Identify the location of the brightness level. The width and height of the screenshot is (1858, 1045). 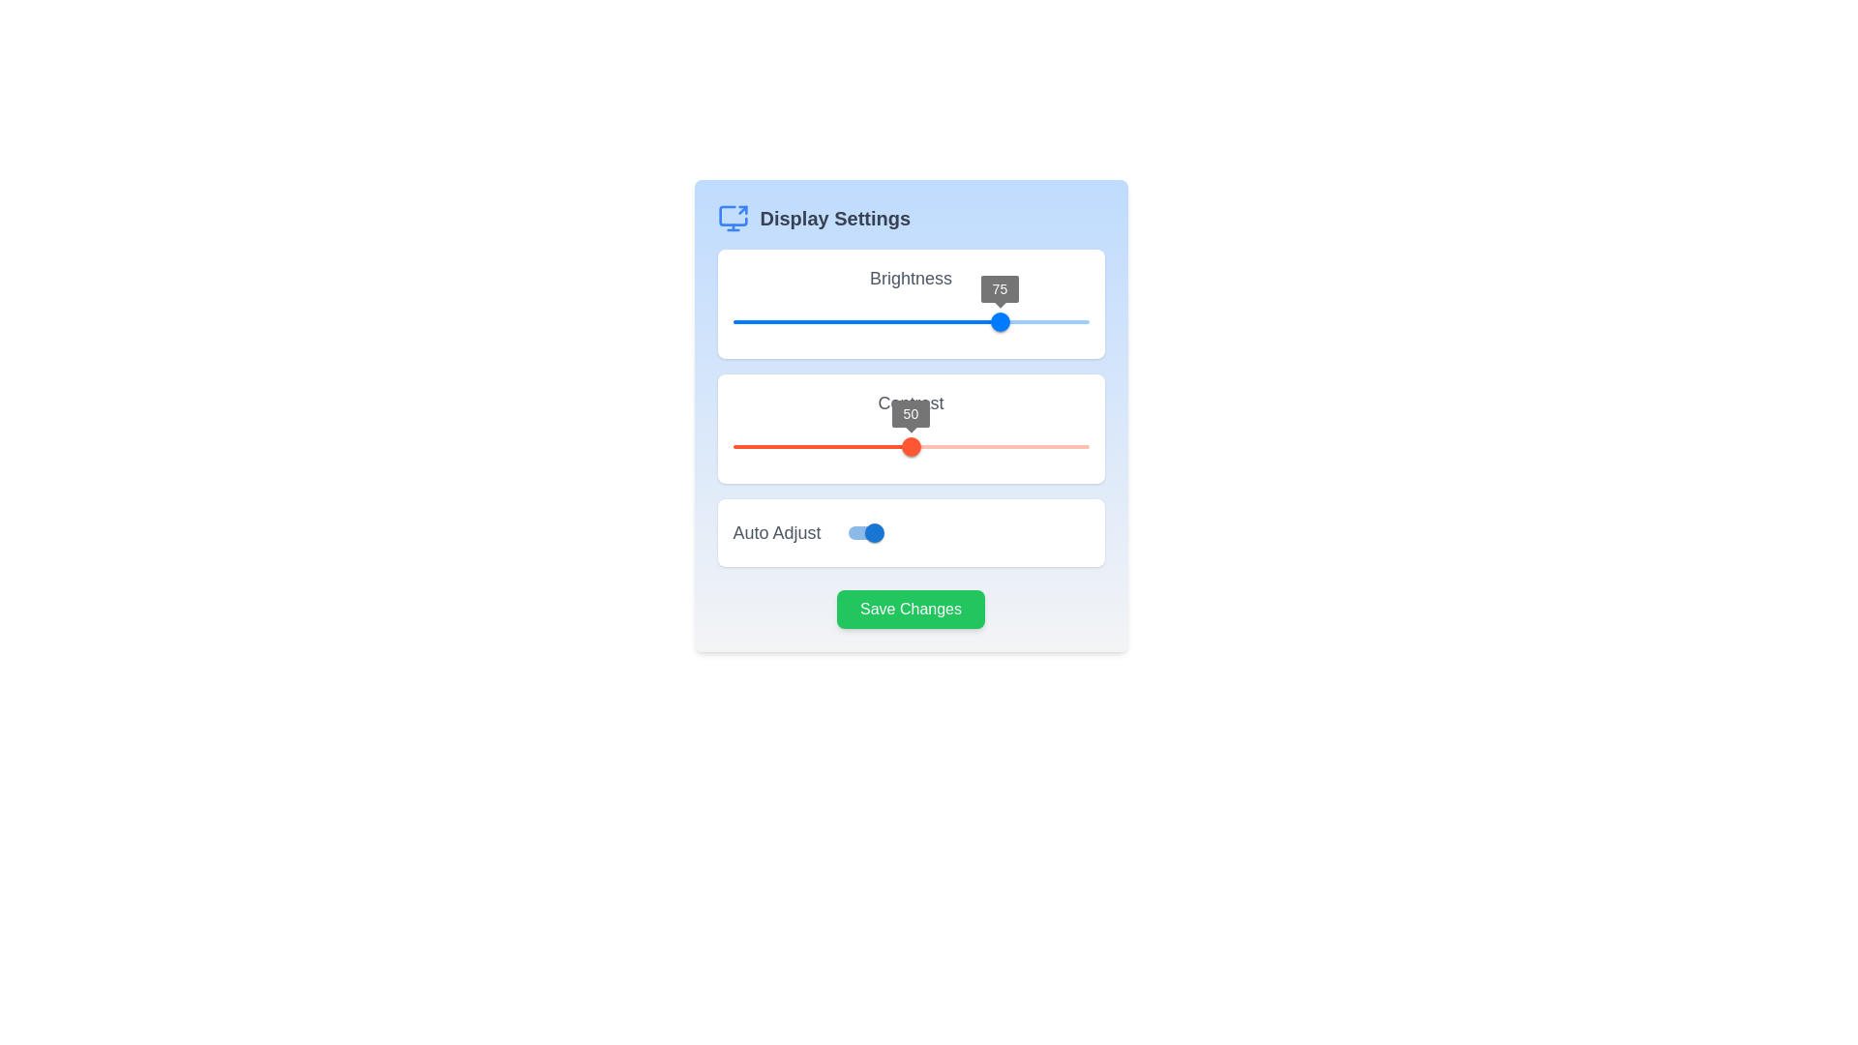
(884, 320).